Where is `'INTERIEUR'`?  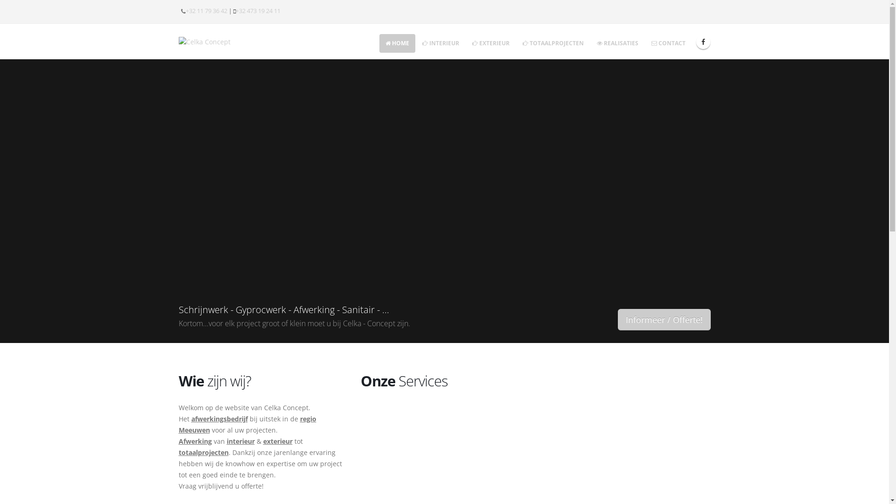 'INTERIEUR' is located at coordinates (440, 43).